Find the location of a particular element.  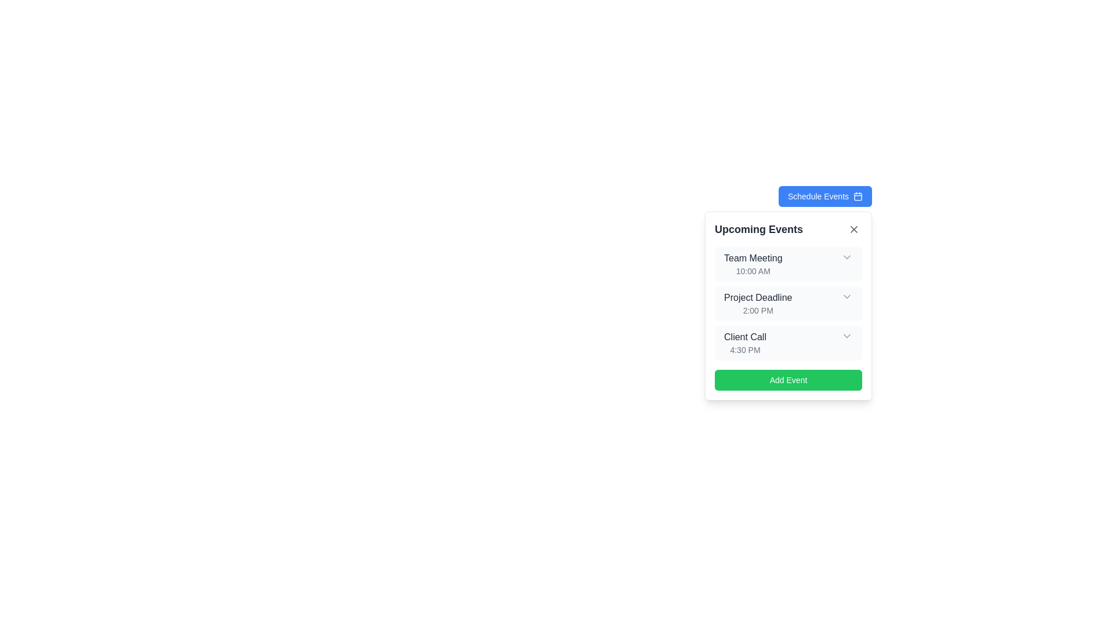

the small calendar icon with a blue background located next to the 'Schedule Events' button text, positioned at the top-right corner of the interface is located at coordinates (858, 196).